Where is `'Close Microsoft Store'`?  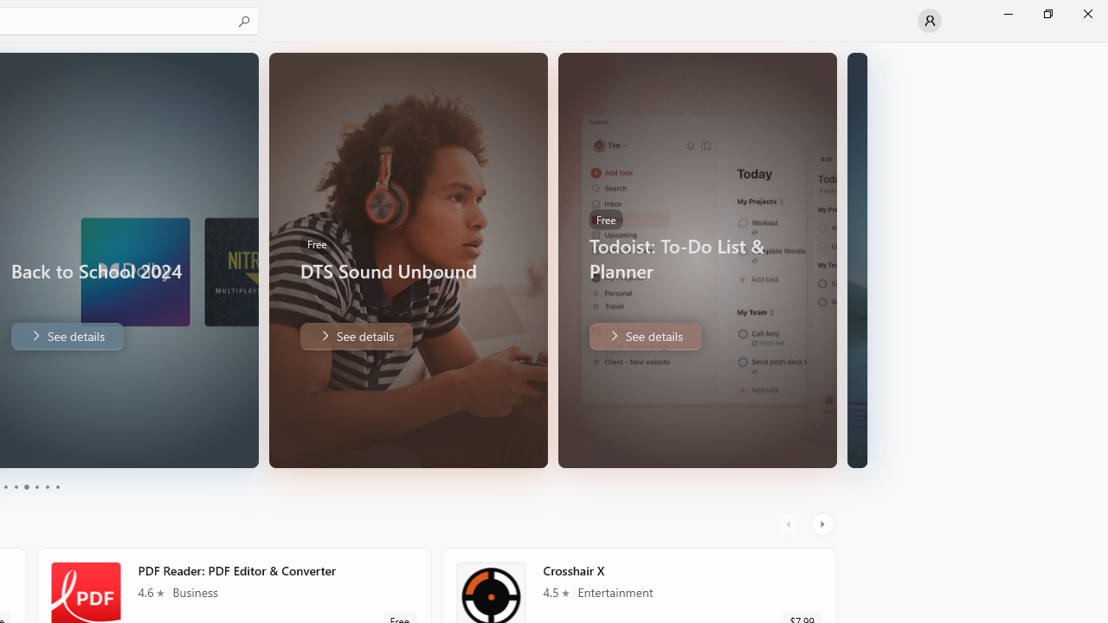 'Close Microsoft Store' is located at coordinates (1086, 13).